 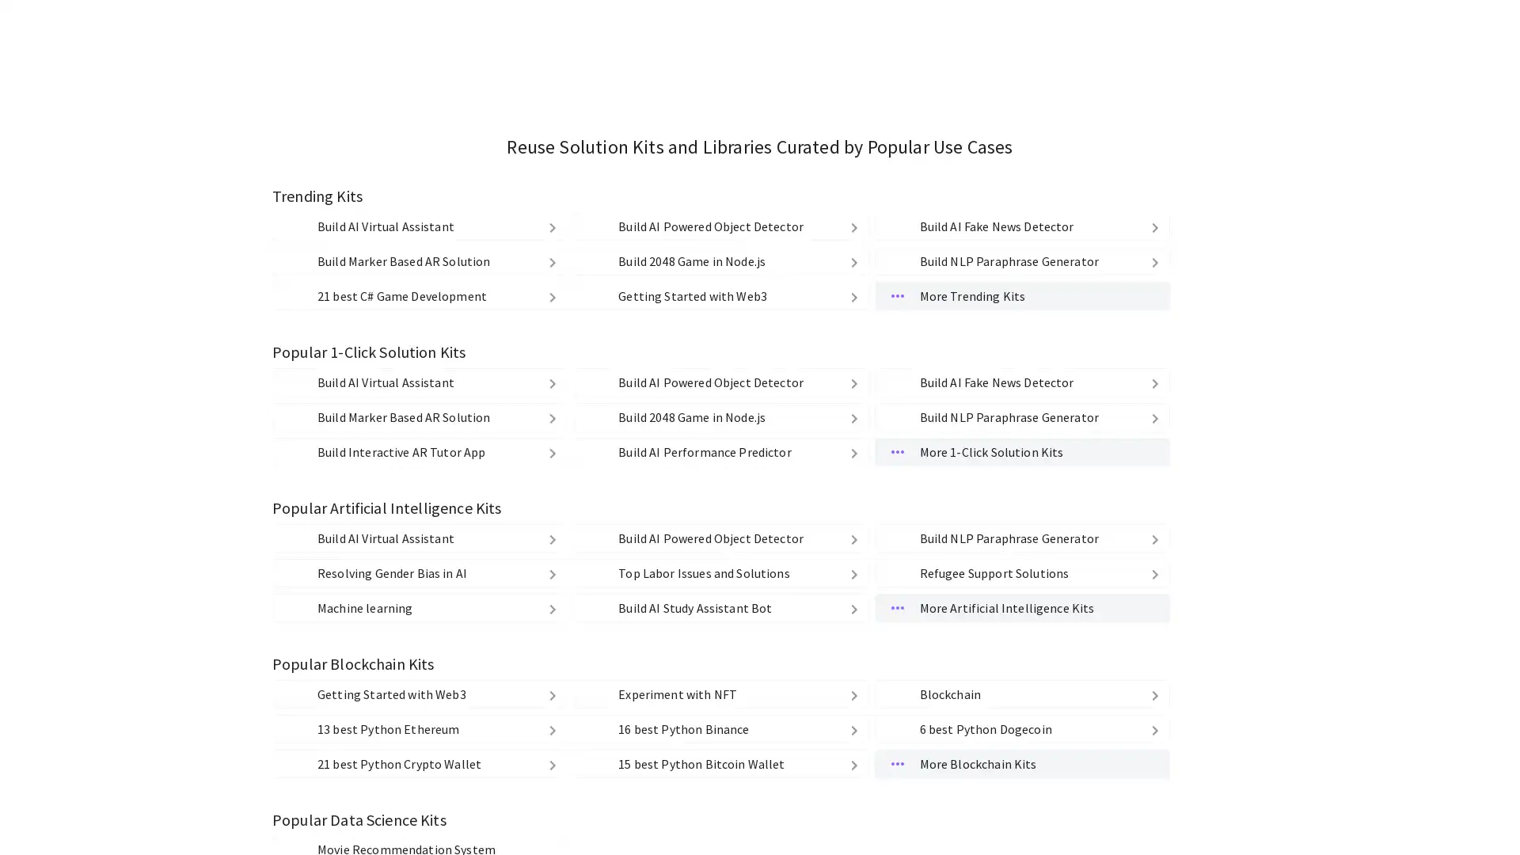 I want to click on Find Libraries, so click(x=1193, y=23).